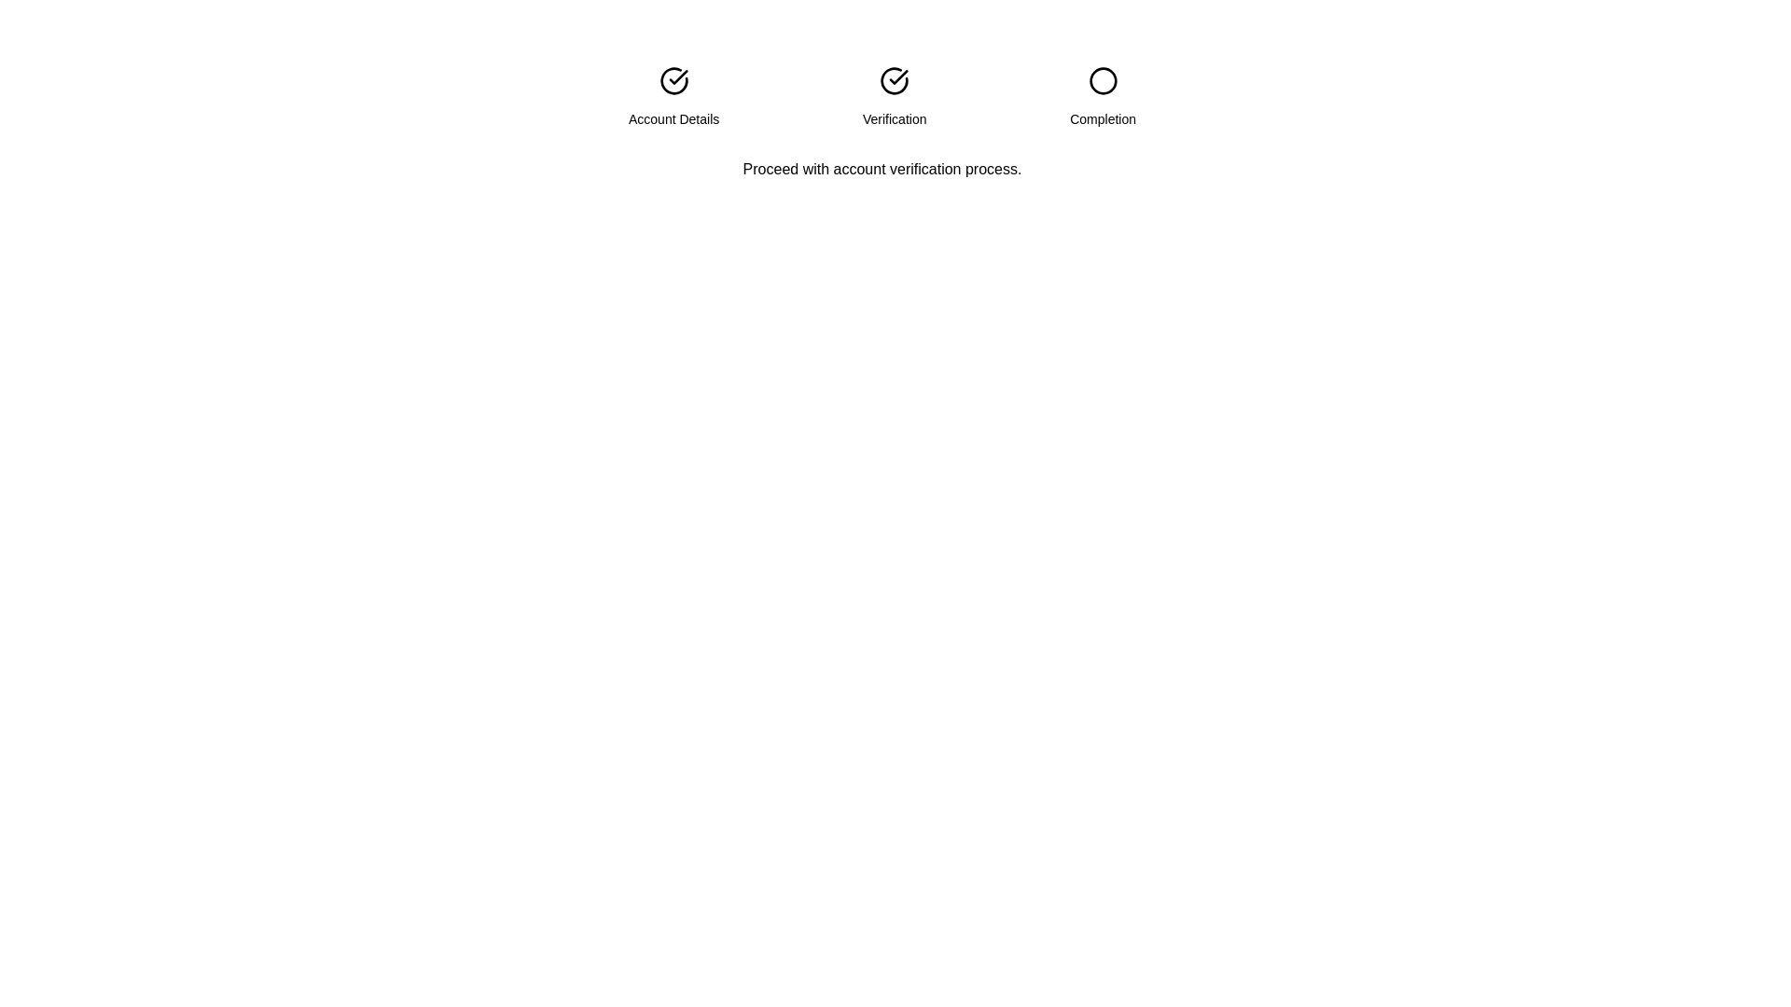 Image resolution: width=1791 pixels, height=1007 pixels. What do you see at coordinates (1103, 118) in the screenshot?
I see `the 'Completion' text label, which is the third label in a sequence of step indicators, positioned under the circular progress indicator for the completion step` at bounding box center [1103, 118].